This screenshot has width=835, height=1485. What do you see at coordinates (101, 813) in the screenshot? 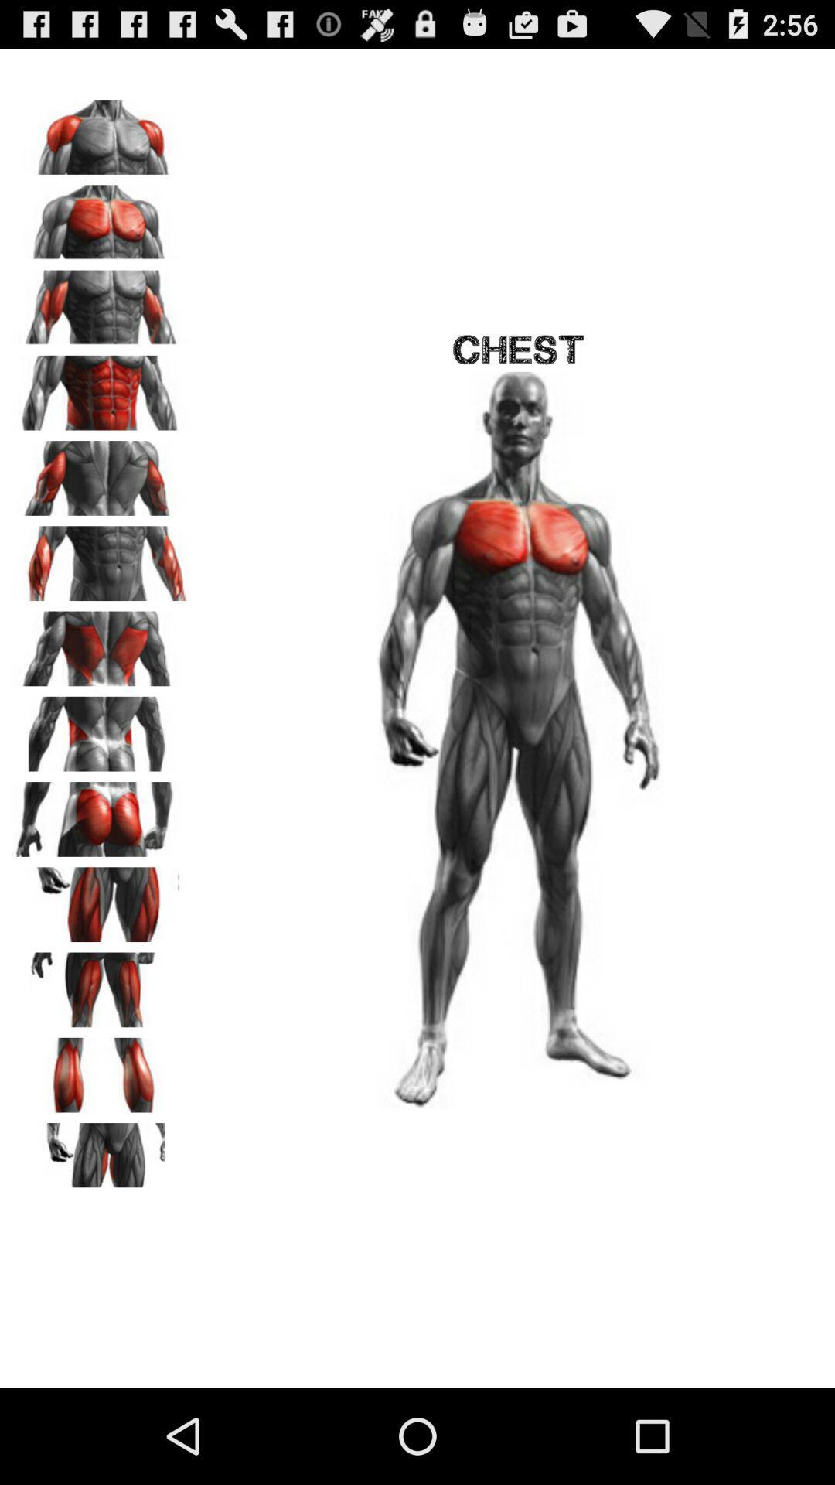
I see `gluteus maximus` at bounding box center [101, 813].